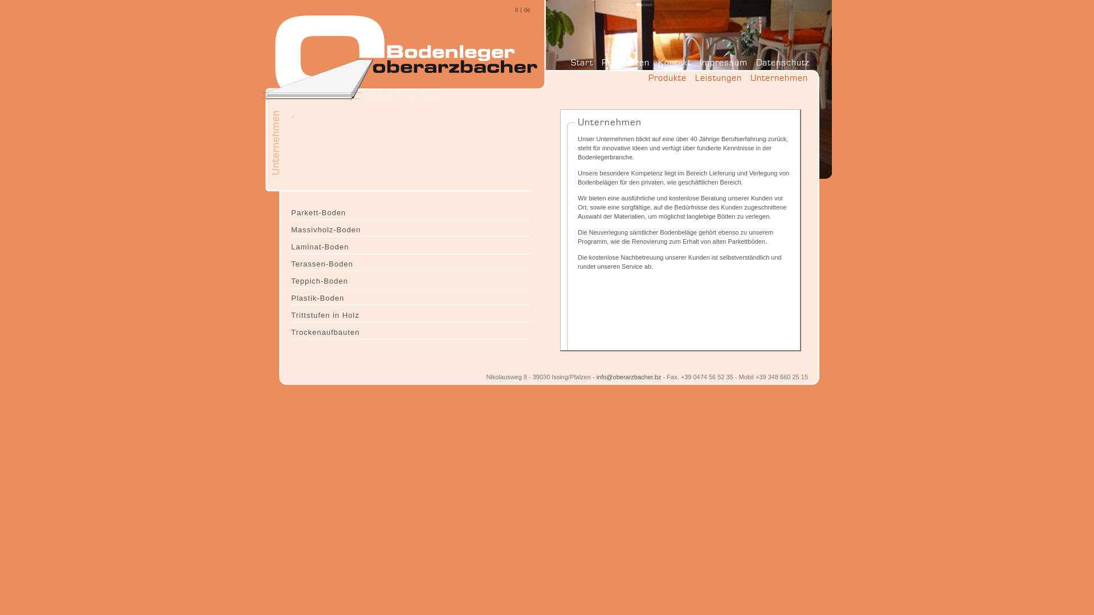 The image size is (1094, 615). What do you see at coordinates (723, 62) in the screenshot?
I see `'Impressum'` at bounding box center [723, 62].